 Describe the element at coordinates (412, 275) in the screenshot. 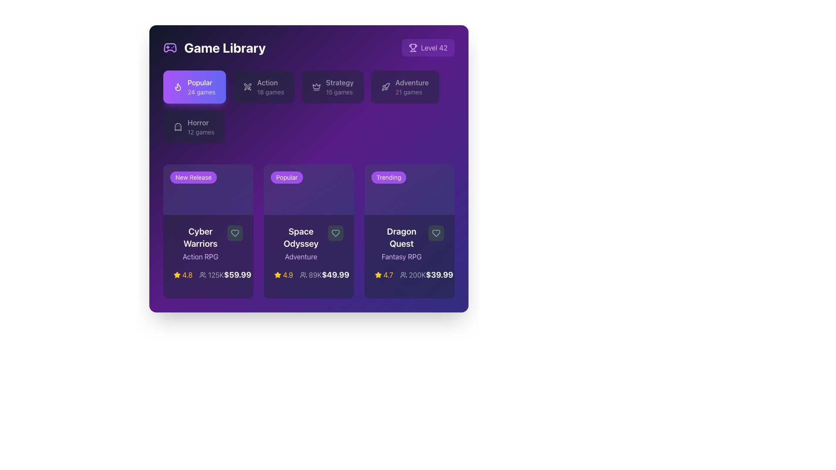

I see `the icon of the '200K' label` at that location.